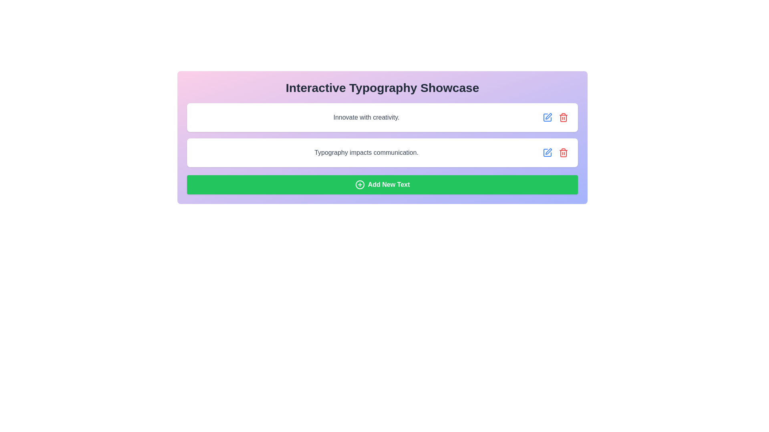 This screenshot has width=769, height=432. What do you see at coordinates (563, 118) in the screenshot?
I see `the trash can icon associated with the second input field to initiate a delete action` at bounding box center [563, 118].